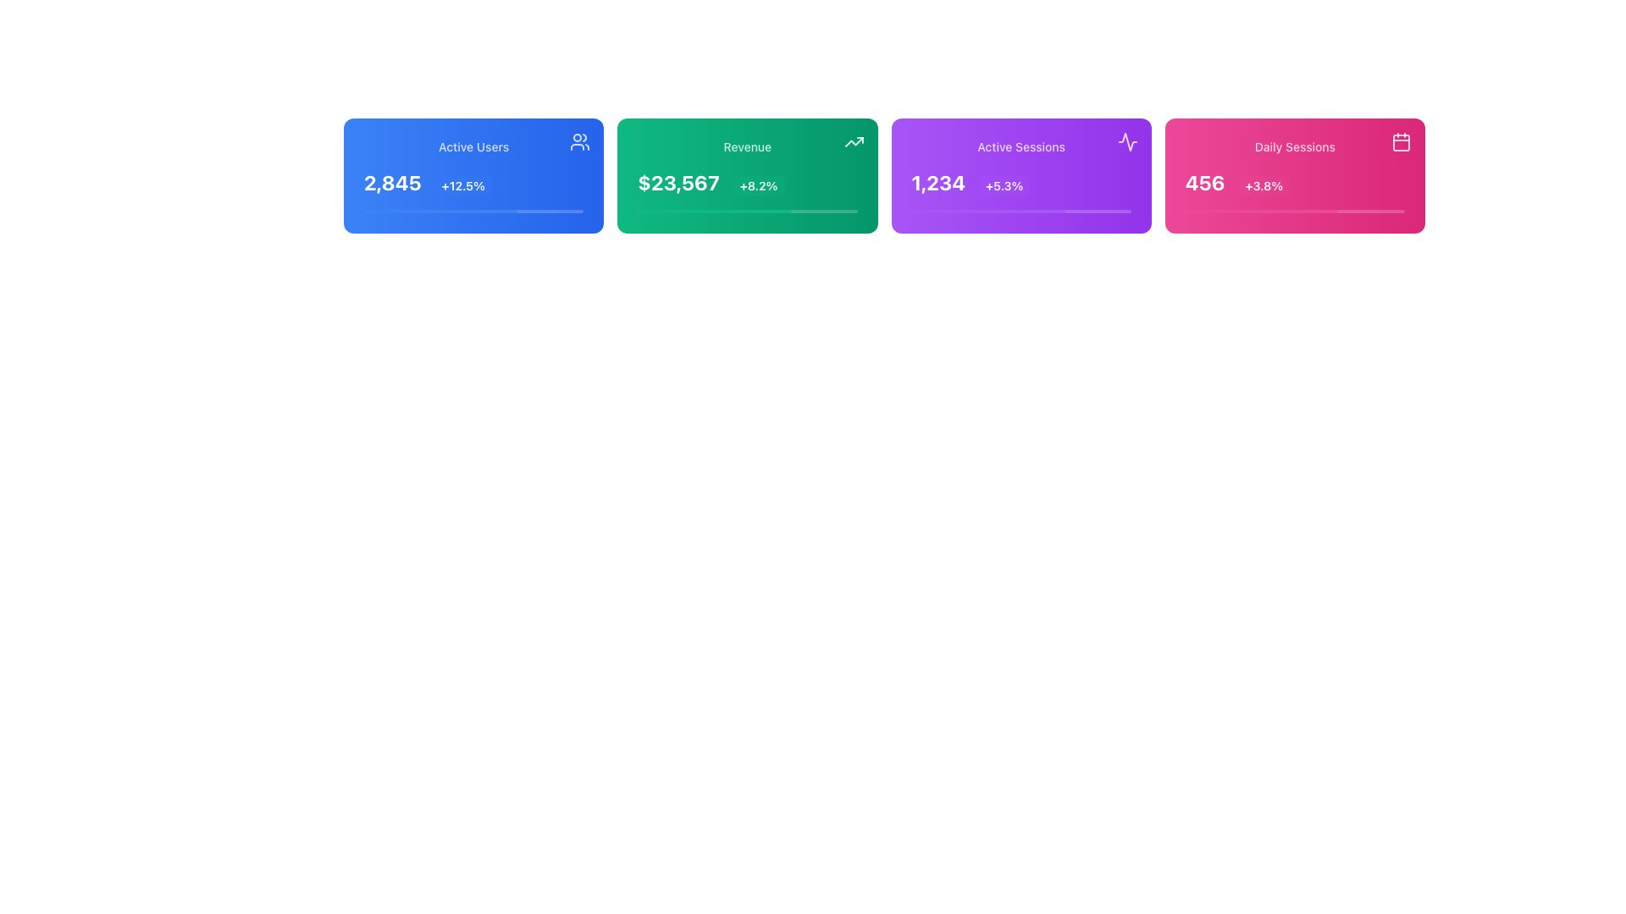 The height and width of the screenshot is (914, 1626). What do you see at coordinates (937, 183) in the screenshot?
I see `the bold numerical text '1,234' displayed in white within the purple card labeled 'Active Sessions'` at bounding box center [937, 183].